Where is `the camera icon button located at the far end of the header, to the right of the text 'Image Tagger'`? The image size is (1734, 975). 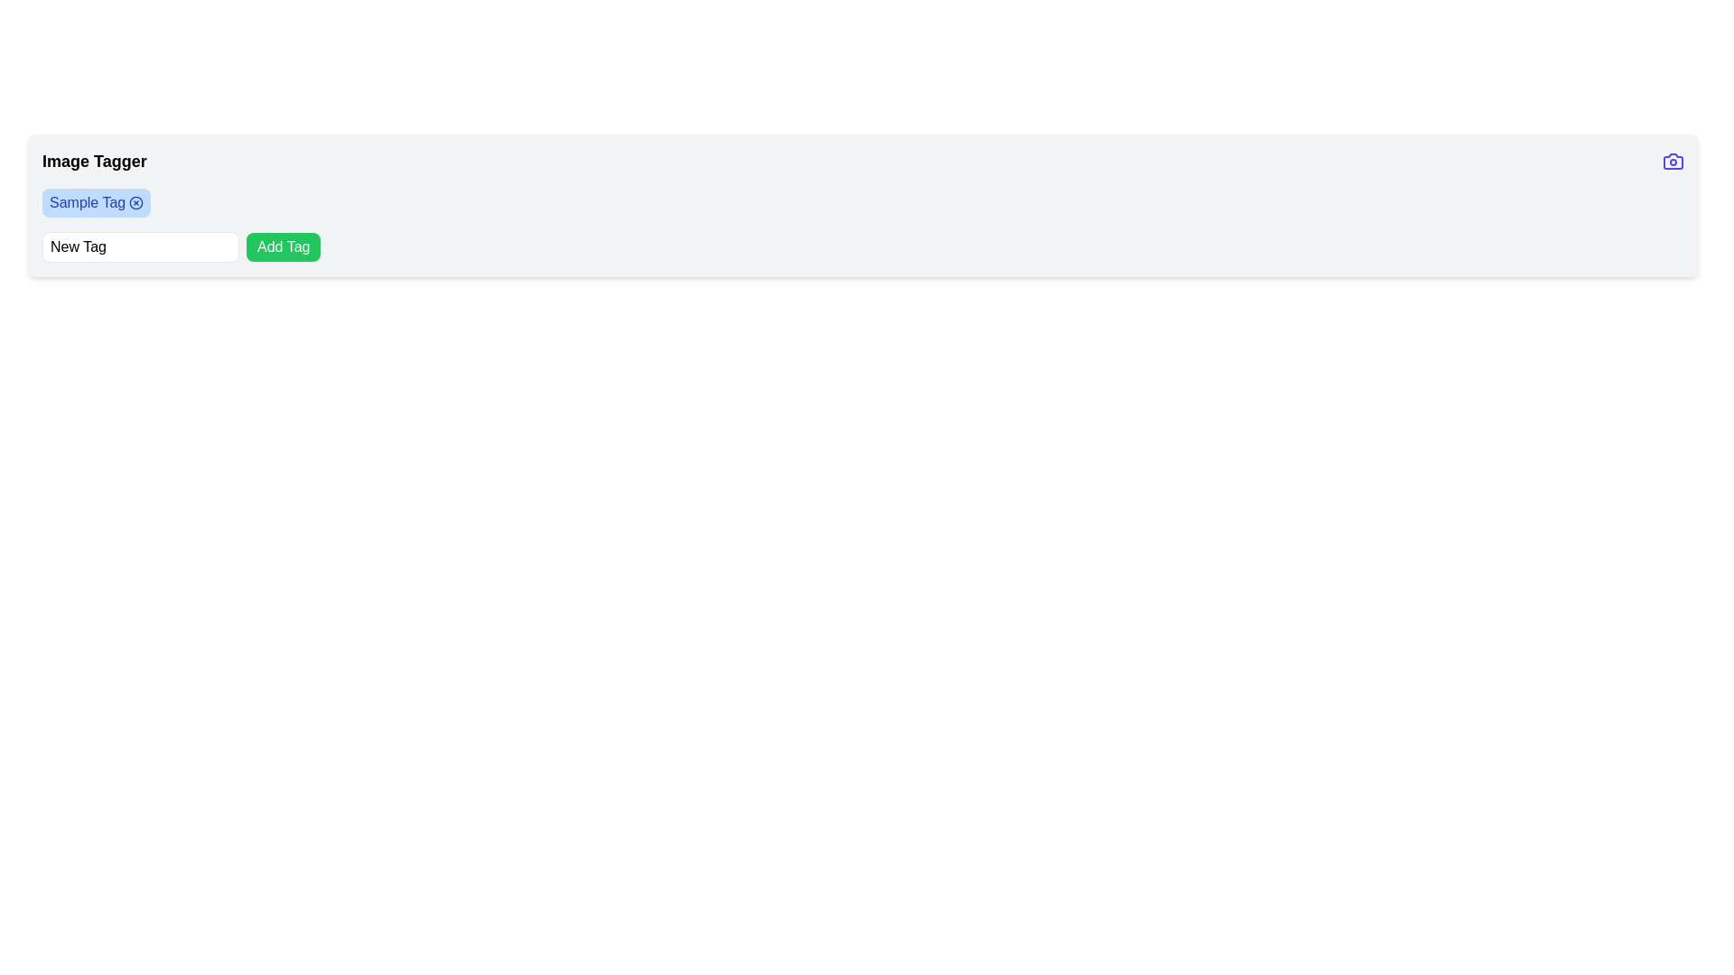
the camera icon button located at the far end of the header, to the right of the text 'Image Tagger' is located at coordinates (1672, 160).